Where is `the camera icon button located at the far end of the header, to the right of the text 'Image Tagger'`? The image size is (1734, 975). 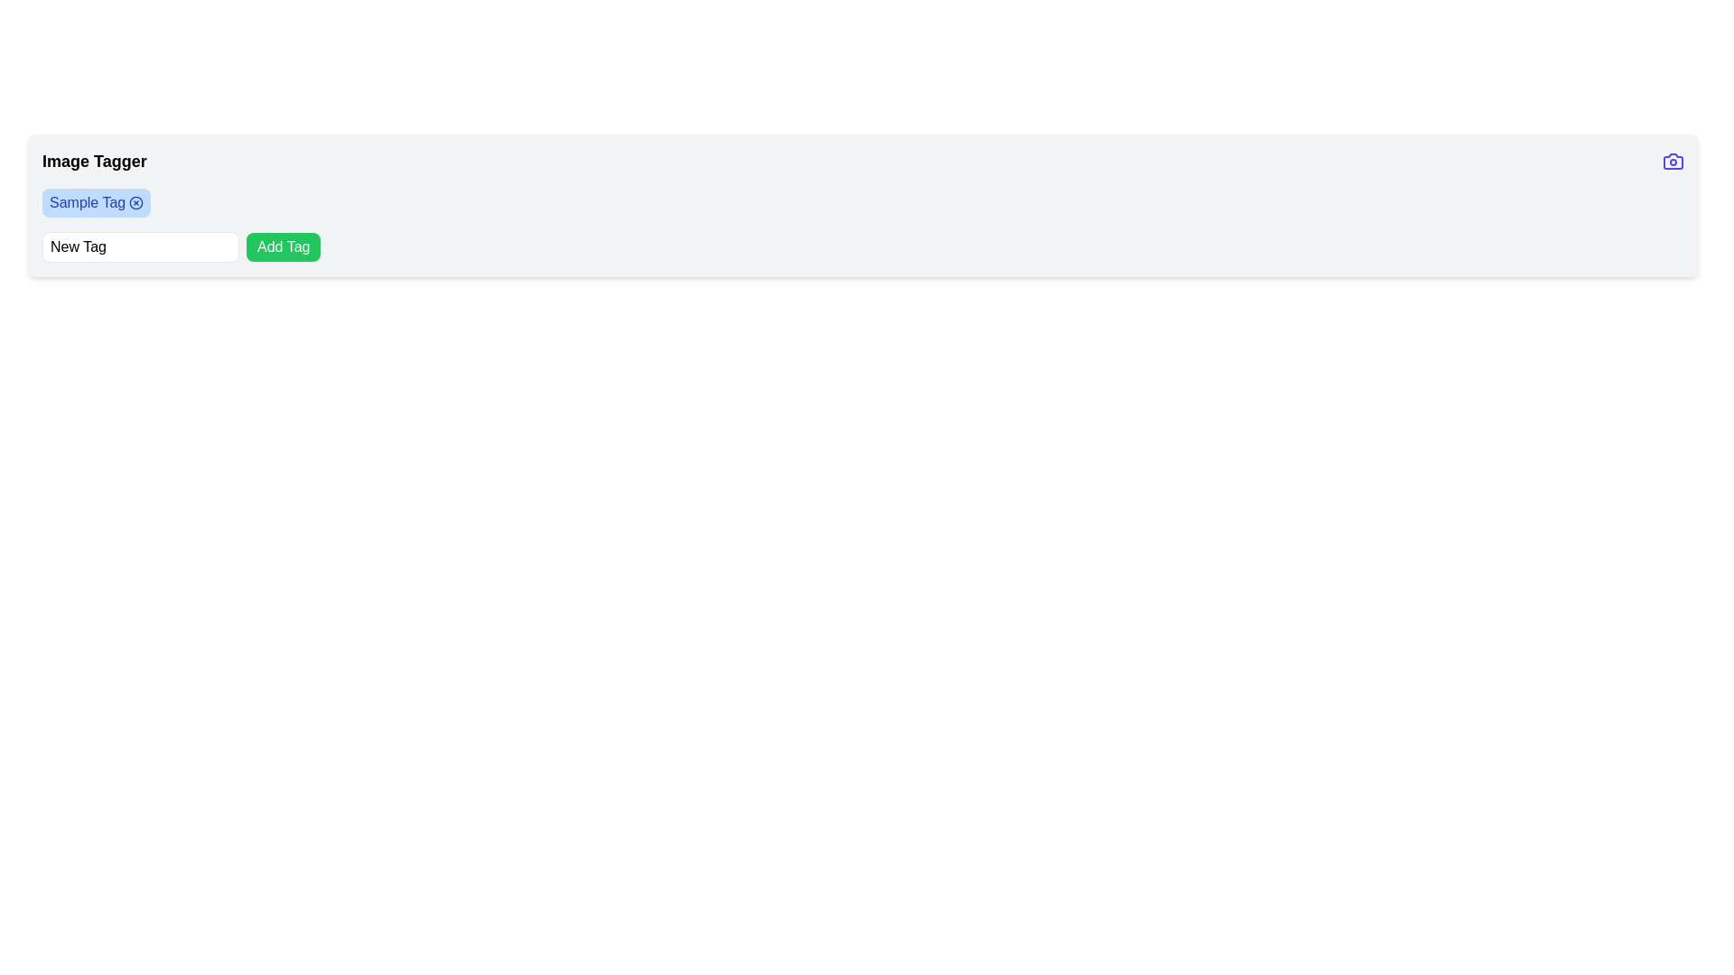
the camera icon button located at the far end of the header, to the right of the text 'Image Tagger' is located at coordinates (1672, 160).